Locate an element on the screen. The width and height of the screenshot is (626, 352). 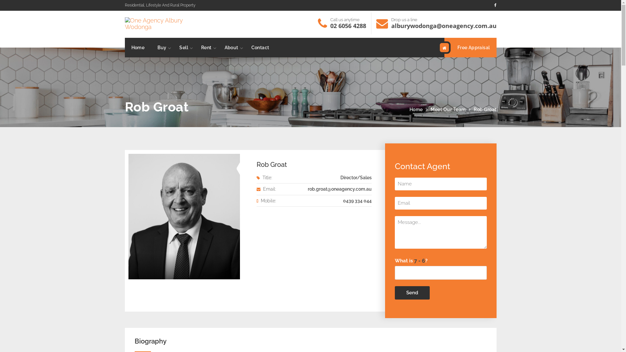
'Rent' is located at coordinates (206, 47).